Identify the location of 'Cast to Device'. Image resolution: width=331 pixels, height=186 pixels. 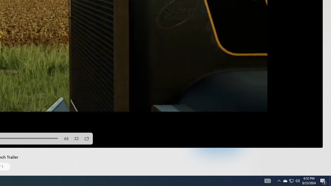
(87, 138).